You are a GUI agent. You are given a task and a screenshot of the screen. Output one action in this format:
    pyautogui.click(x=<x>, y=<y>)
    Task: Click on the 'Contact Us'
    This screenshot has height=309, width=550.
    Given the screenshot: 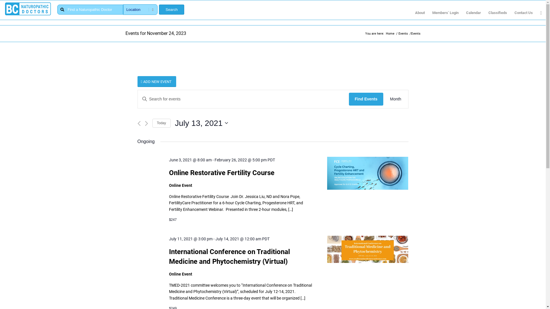 What is the action you would take?
    pyautogui.click(x=524, y=13)
    